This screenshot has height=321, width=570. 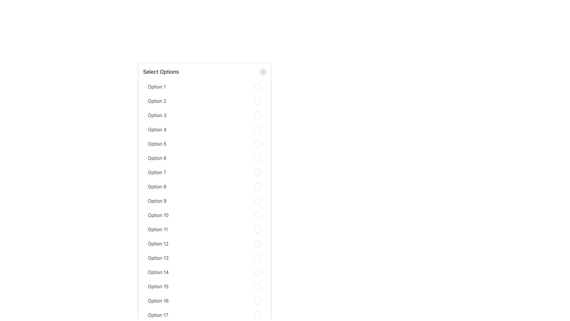 I want to click on the button/icon located at the top-right corner of the 'Select Options' section, so click(x=263, y=72).